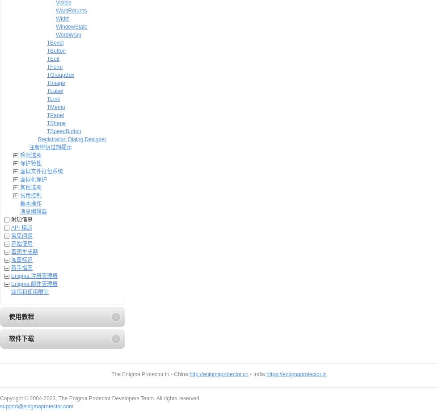 Image resolution: width=447 pixels, height=419 pixels. I want to click on 'Copyright © 2004-2023, The Enigma Protector Developers Team. All rights reserved.', so click(100, 398).